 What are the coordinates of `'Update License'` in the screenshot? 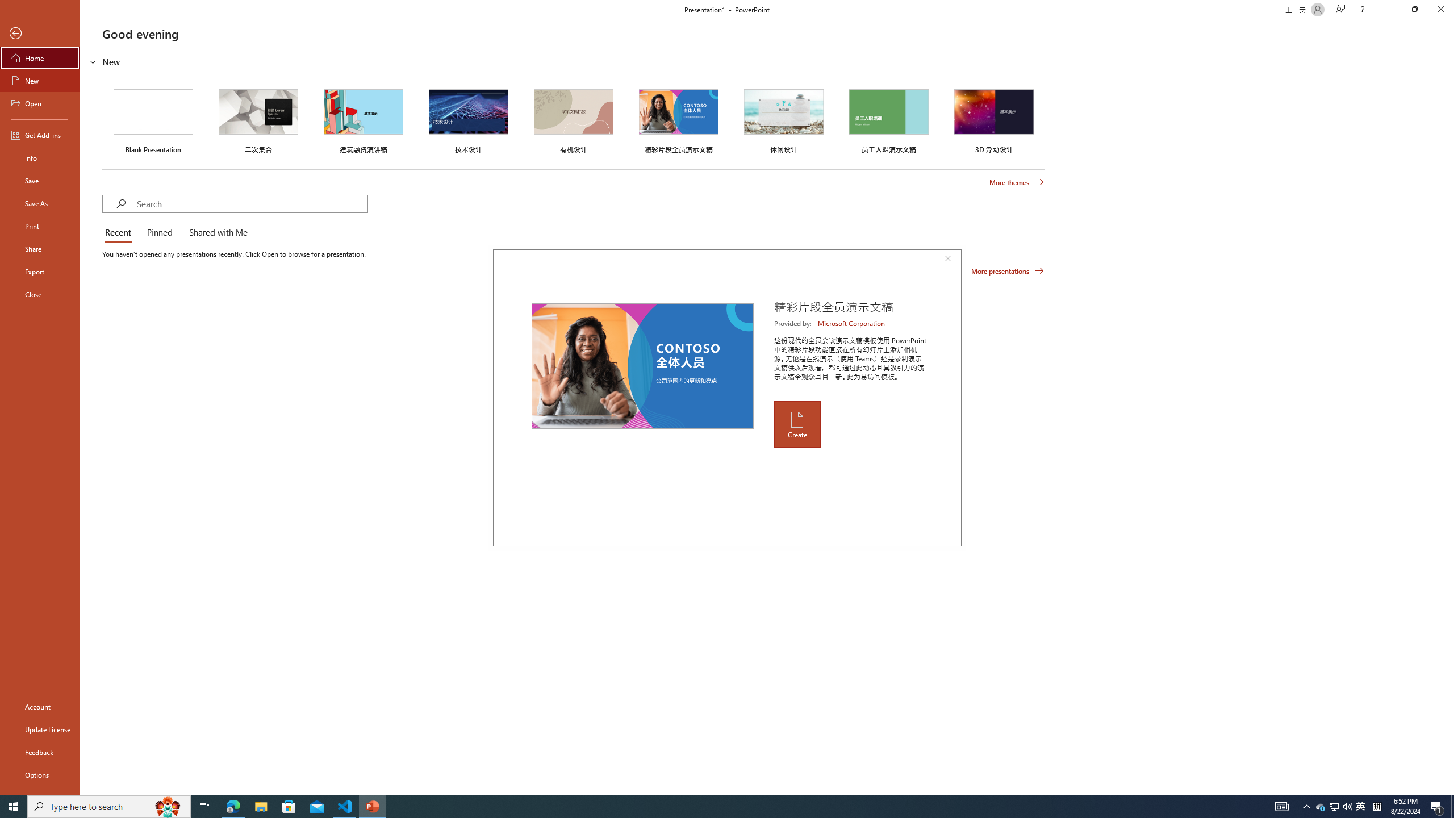 It's located at (39, 729).